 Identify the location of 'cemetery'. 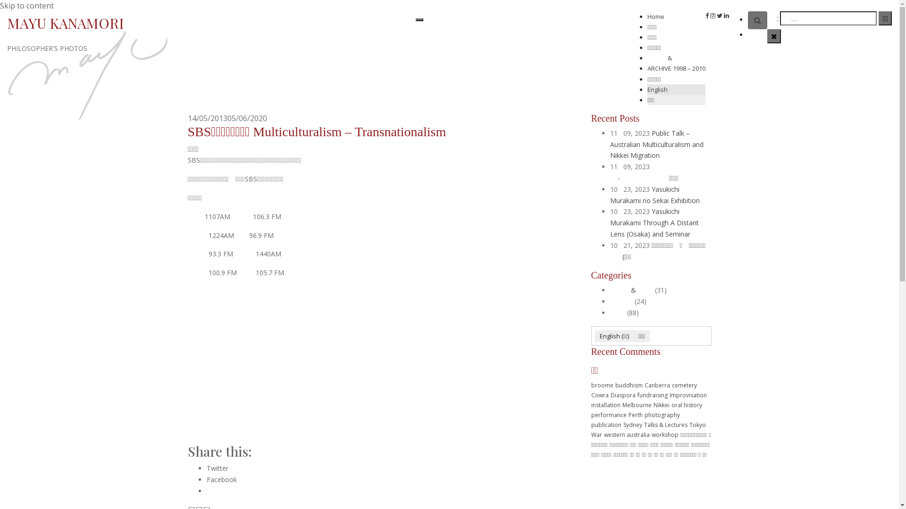
(684, 385).